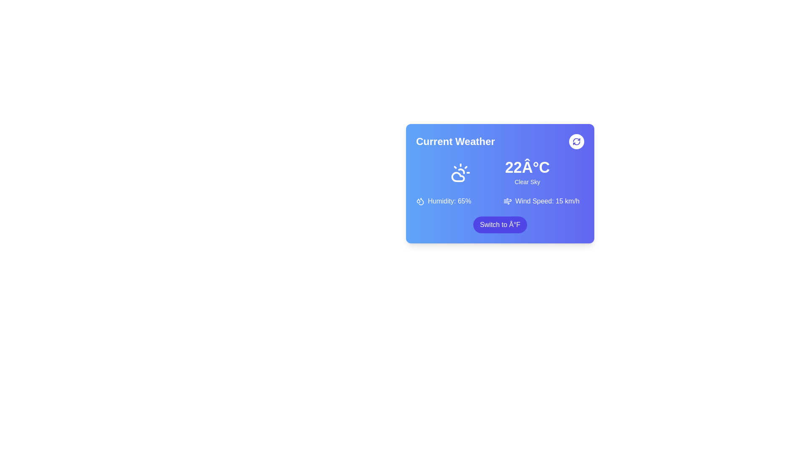  What do you see at coordinates (527, 167) in the screenshot?
I see `the current temperature text label, which is positioned prominently near the top-center of a rectangular card within the interface` at bounding box center [527, 167].